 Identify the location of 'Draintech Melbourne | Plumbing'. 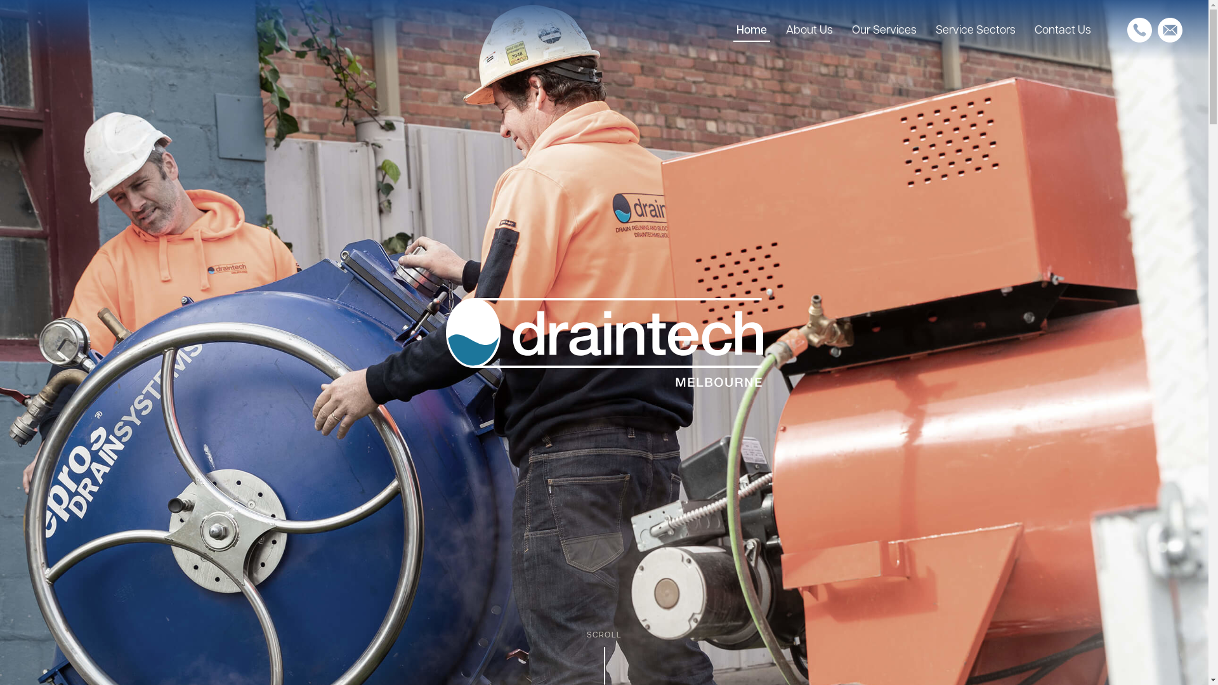
(603, 342).